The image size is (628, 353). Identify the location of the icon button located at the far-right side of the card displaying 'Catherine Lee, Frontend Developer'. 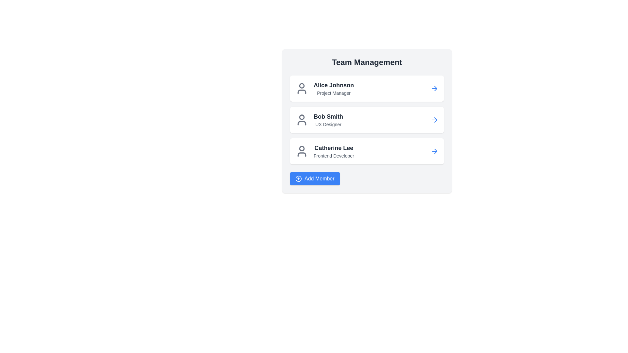
(435, 151).